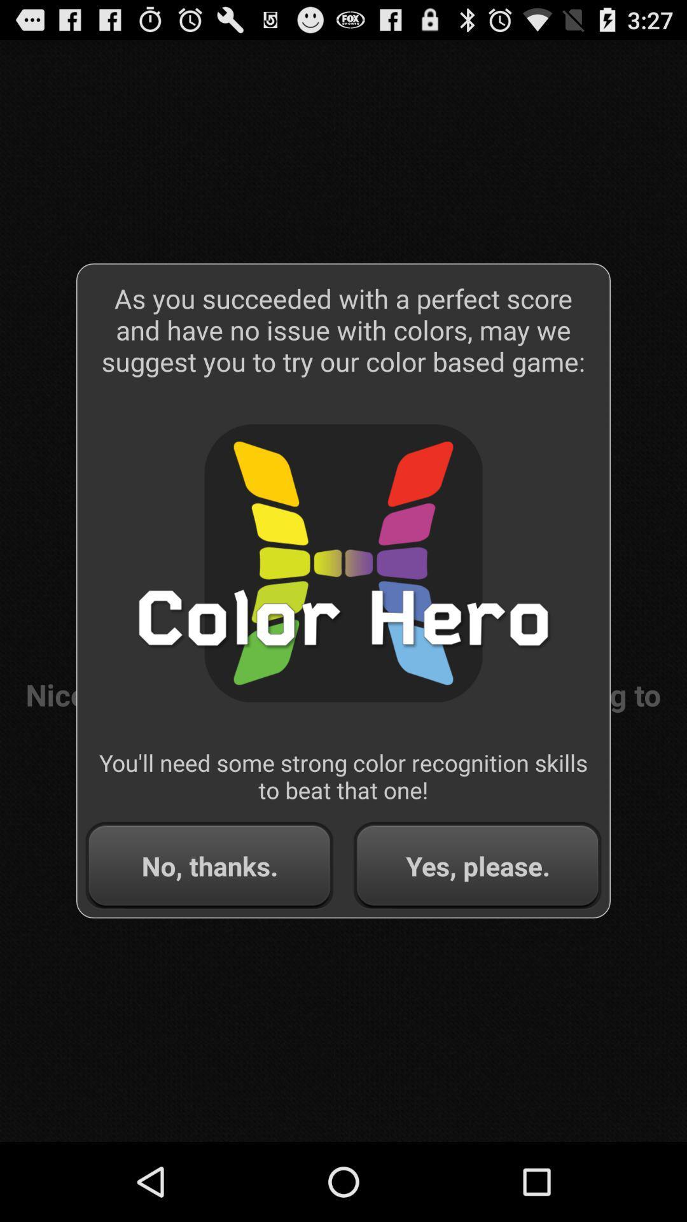  What do you see at coordinates (477, 866) in the screenshot?
I see `the item to the right of no, thanks. button` at bounding box center [477, 866].